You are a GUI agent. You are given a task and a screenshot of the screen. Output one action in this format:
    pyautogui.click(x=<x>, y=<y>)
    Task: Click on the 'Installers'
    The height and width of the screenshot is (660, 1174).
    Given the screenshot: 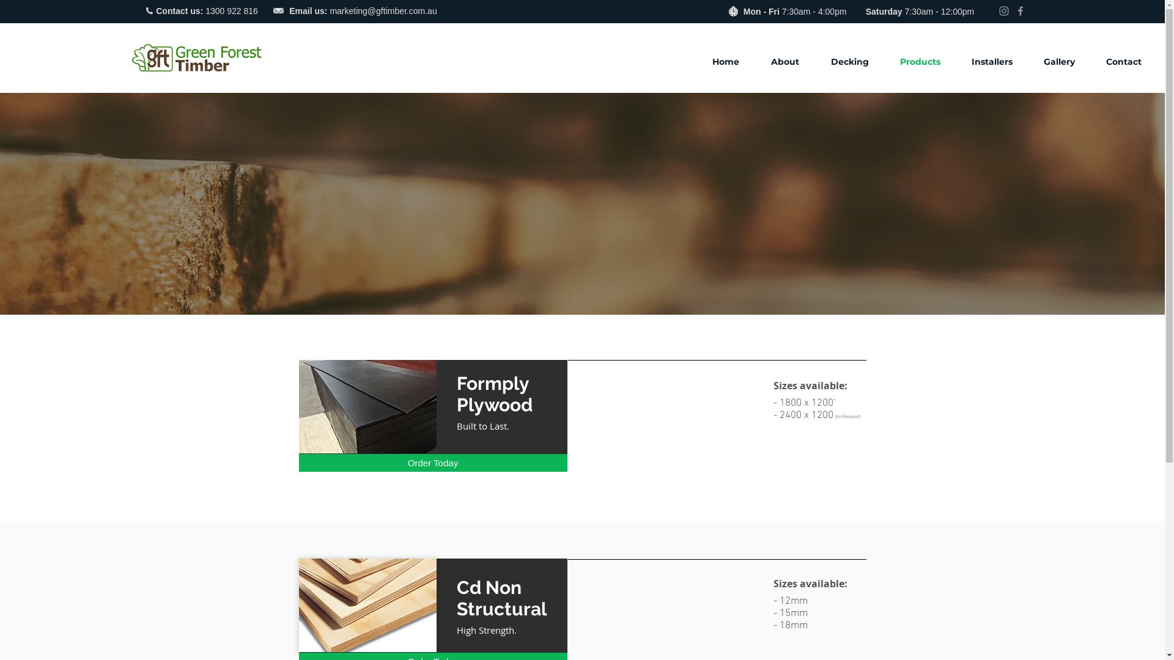 What is the action you would take?
    pyautogui.click(x=962, y=61)
    